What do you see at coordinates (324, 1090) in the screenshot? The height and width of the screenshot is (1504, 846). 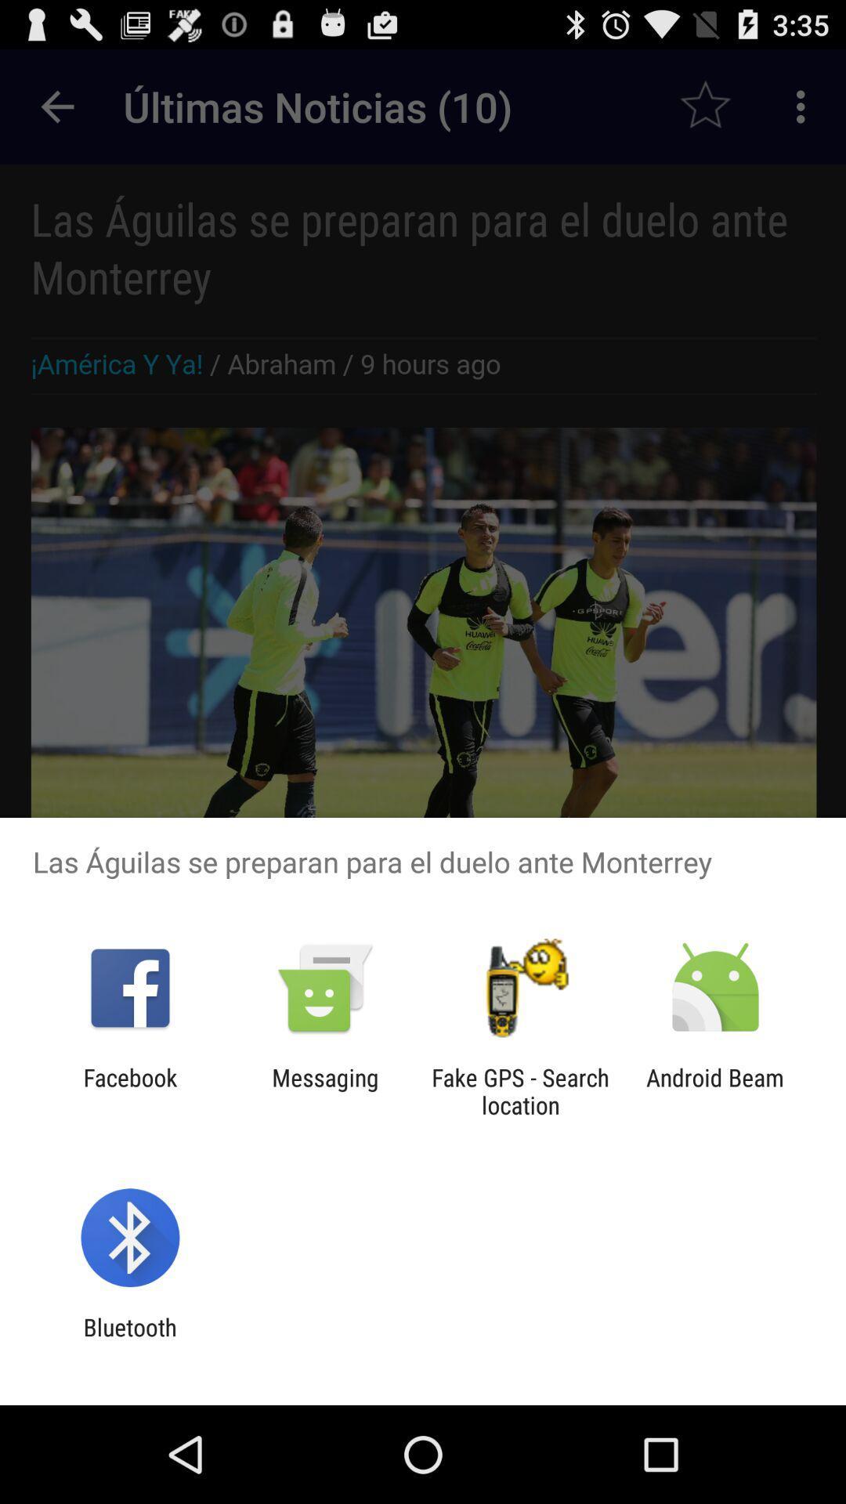 I see `the messaging item` at bounding box center [324, 1090].